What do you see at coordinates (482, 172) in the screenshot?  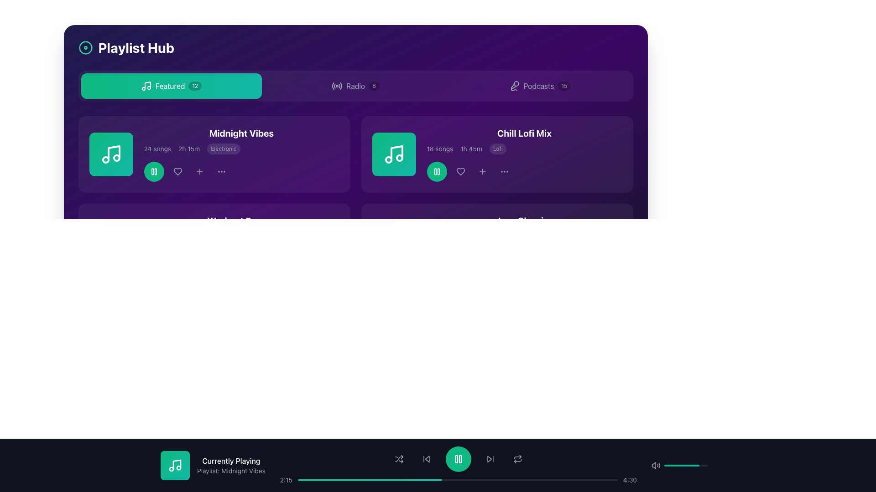 I see `the plus icon button located to the right of the heart icon in the 'Chill Lofi Mix' playlist` at bounding box center [482, 172].